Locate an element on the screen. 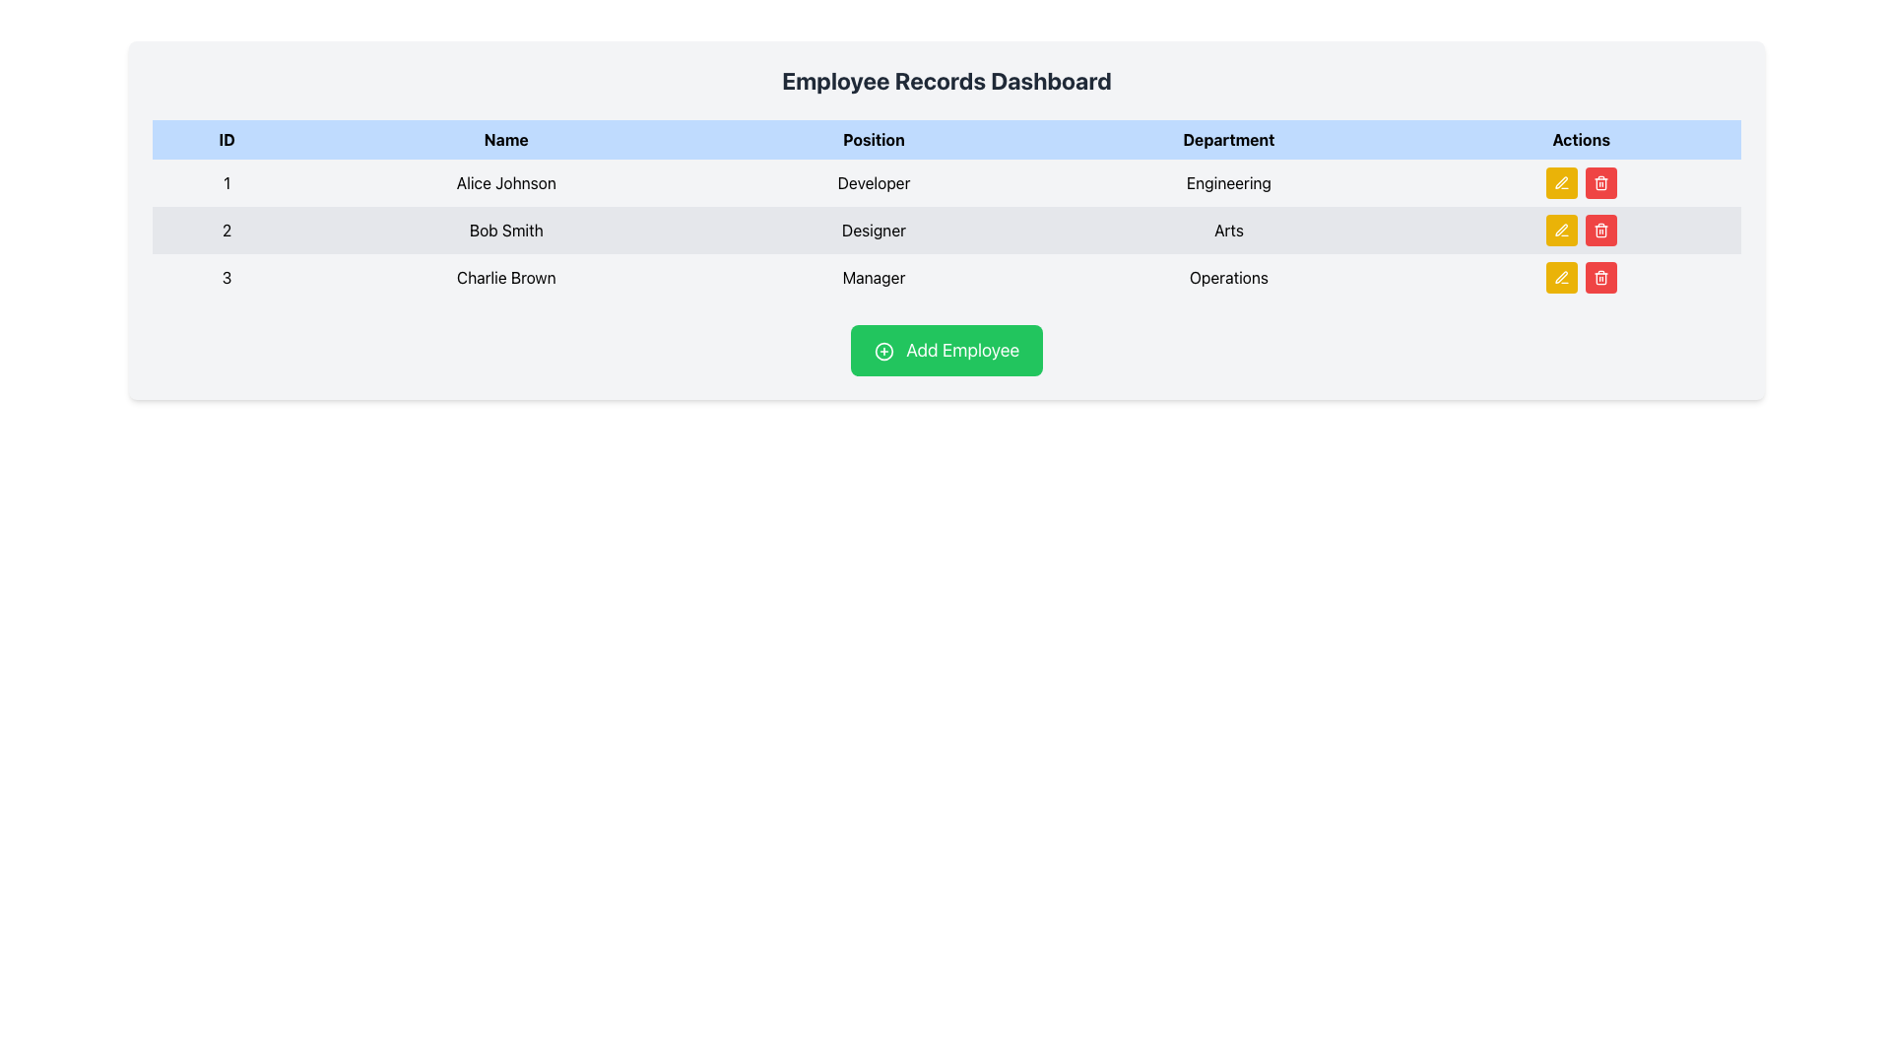 The image size is (1891, 1064). the yellow edit button with a pen icon located in the 'Actions' column of the third row for the 'Operations' department is located at coordinates (1560, 277).